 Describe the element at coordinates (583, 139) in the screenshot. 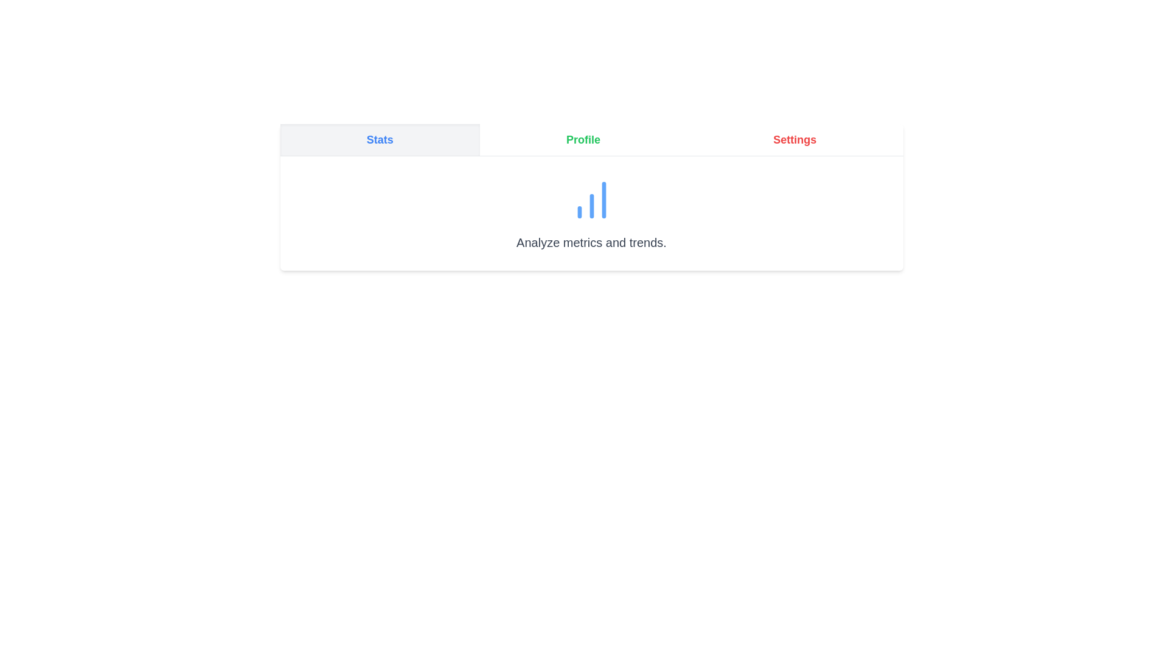

I see `the 'Profile' button` at that location.